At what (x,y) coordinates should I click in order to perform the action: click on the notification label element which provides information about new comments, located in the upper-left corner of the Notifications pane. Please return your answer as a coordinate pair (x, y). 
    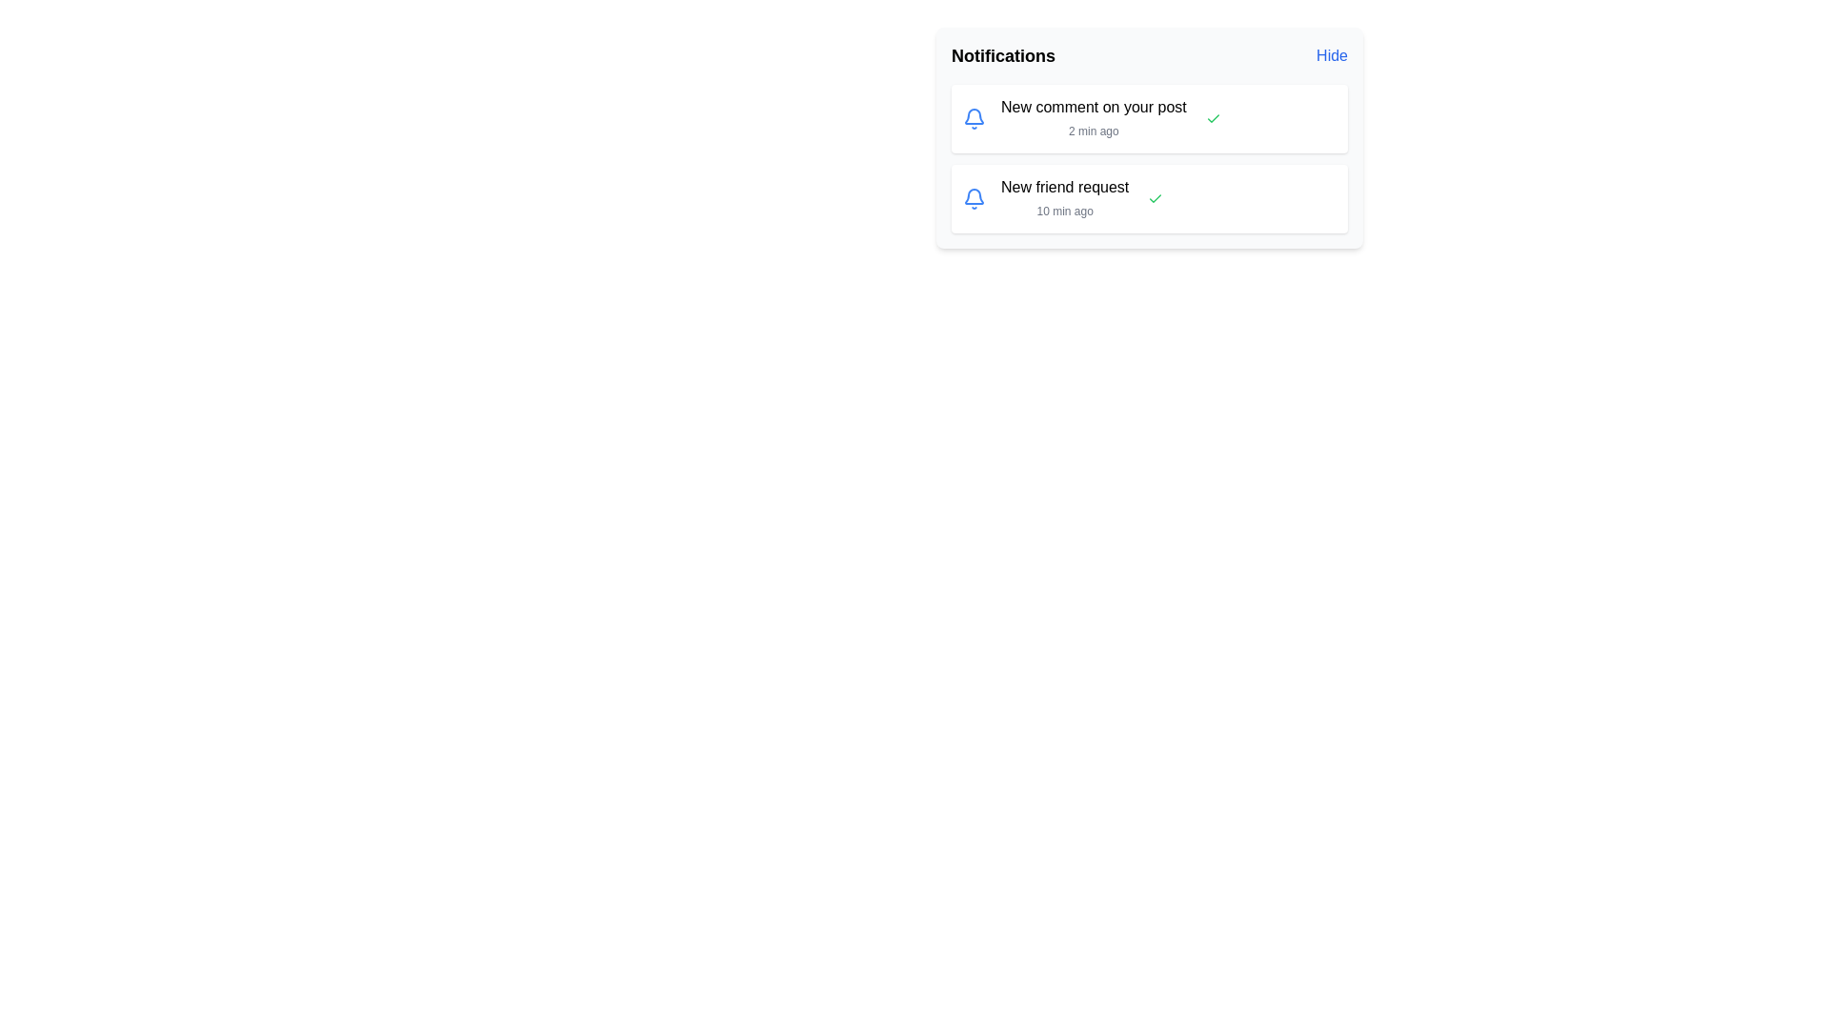
    Looking at the image, I should click on (1094, 107).